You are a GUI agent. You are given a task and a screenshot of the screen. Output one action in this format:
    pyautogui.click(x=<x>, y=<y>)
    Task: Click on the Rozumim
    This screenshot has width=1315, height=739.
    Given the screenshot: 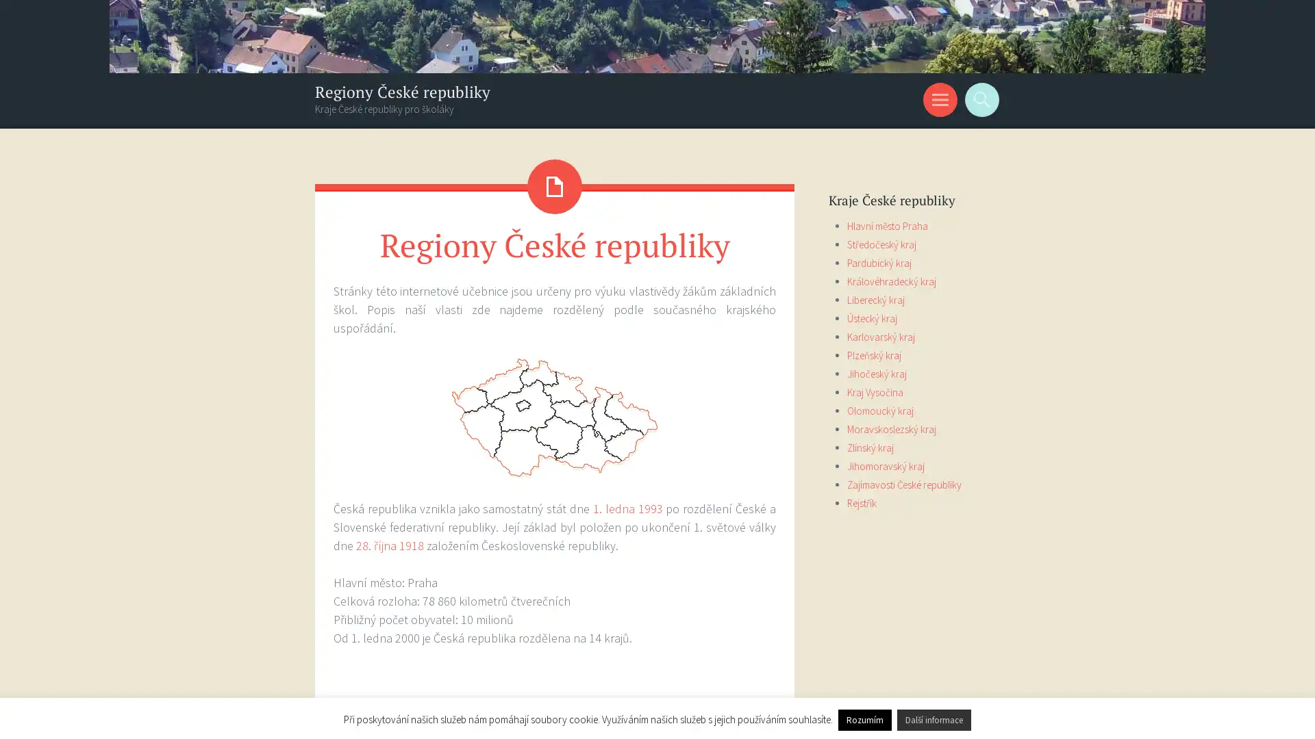 What is the action you would take?
    pyautogui.click(x=864, y=719)
    